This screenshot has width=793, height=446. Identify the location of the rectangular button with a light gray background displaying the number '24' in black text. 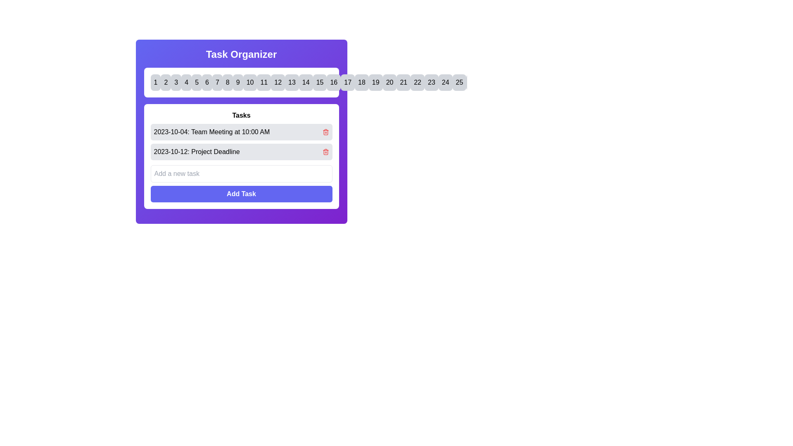
(445, 83).